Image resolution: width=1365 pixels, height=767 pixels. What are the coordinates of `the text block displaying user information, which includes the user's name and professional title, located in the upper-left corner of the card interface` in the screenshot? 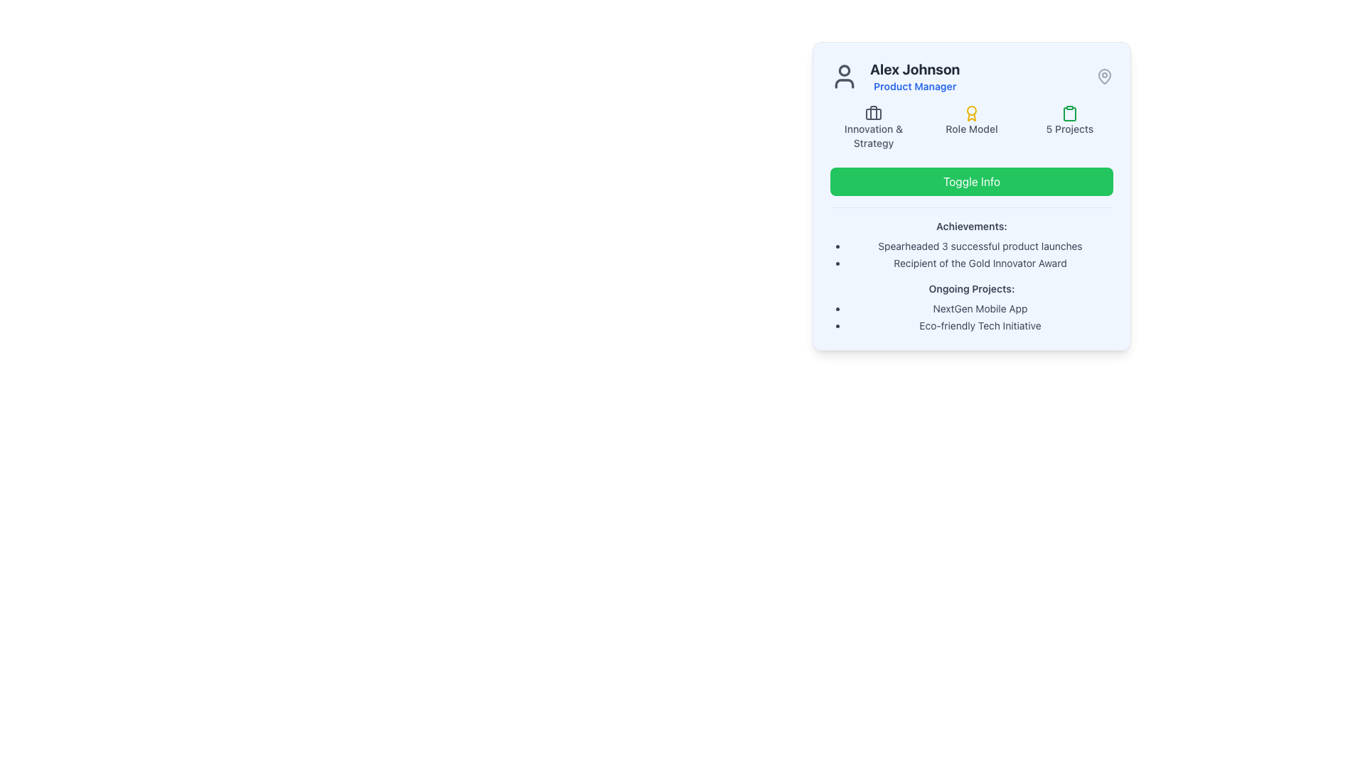 It's located at (894, 77).